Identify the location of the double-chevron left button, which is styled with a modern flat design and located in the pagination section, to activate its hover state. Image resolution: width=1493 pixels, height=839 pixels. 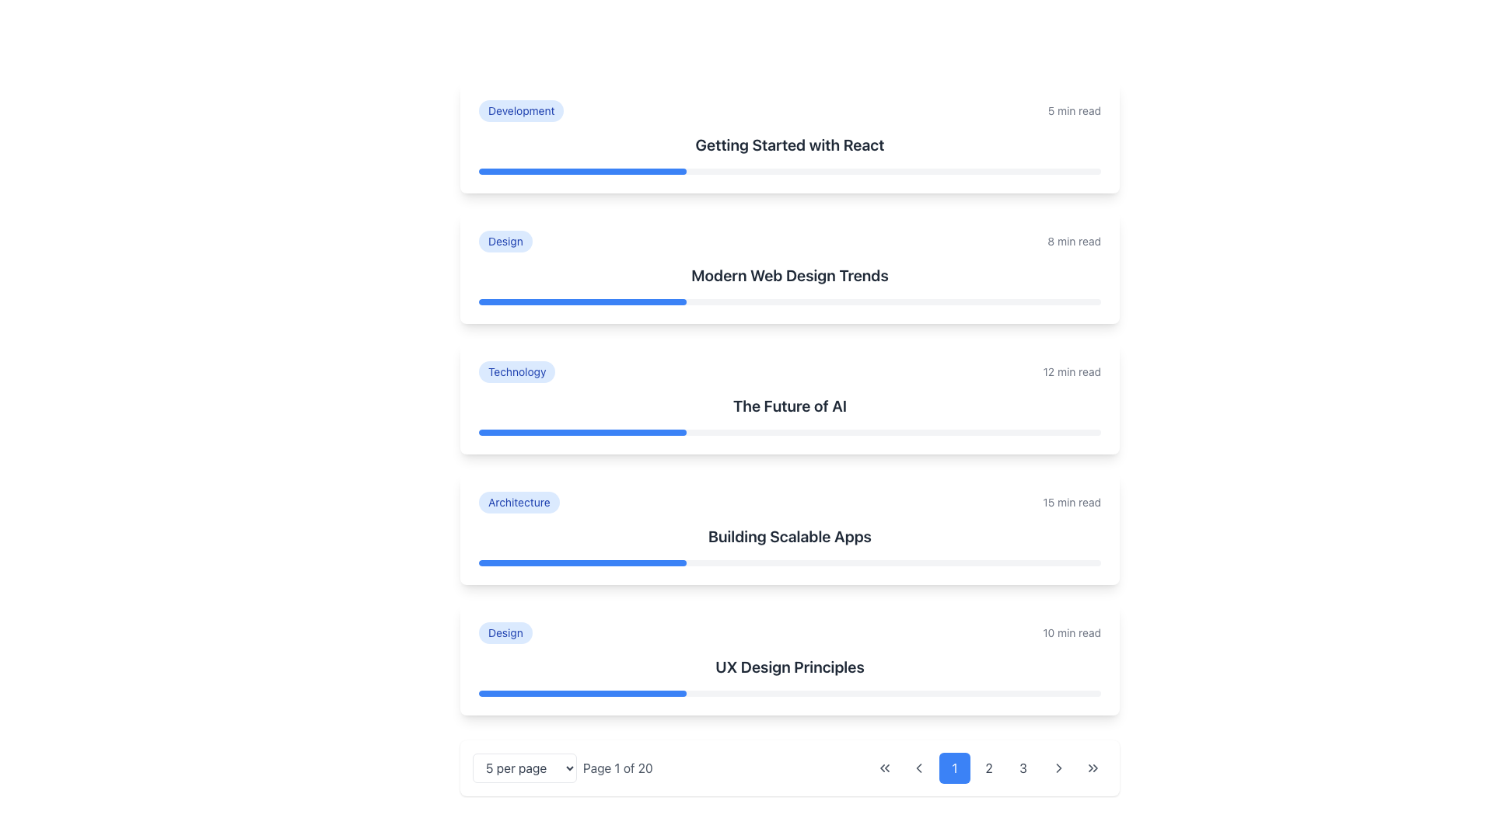
(884, 767).